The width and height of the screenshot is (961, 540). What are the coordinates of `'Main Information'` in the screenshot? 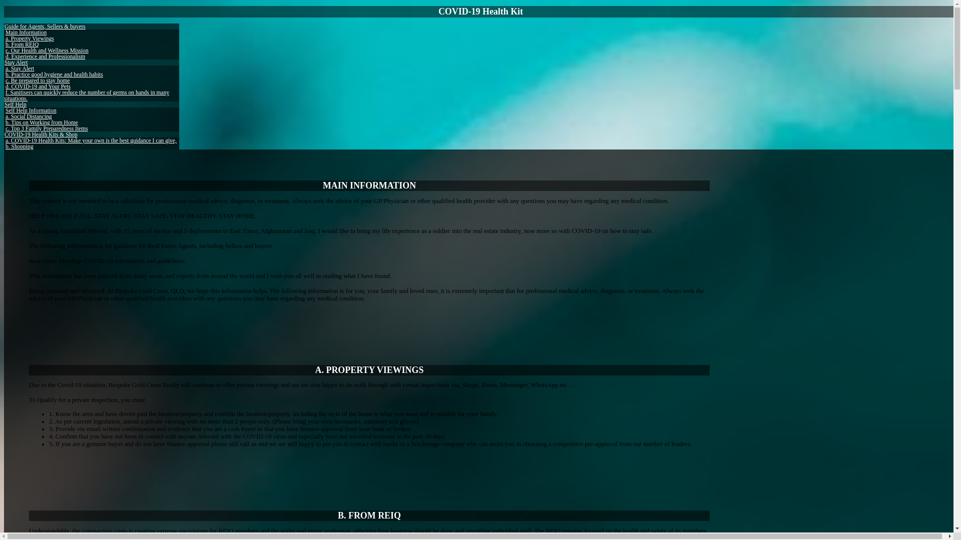 It's located at (5, 32).